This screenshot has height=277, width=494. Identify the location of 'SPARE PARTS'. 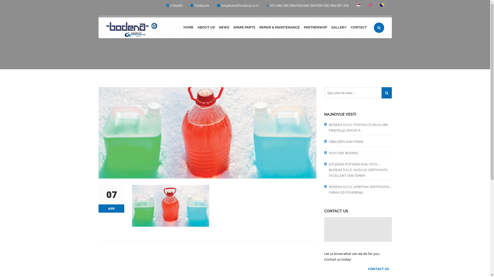
(244, 28).